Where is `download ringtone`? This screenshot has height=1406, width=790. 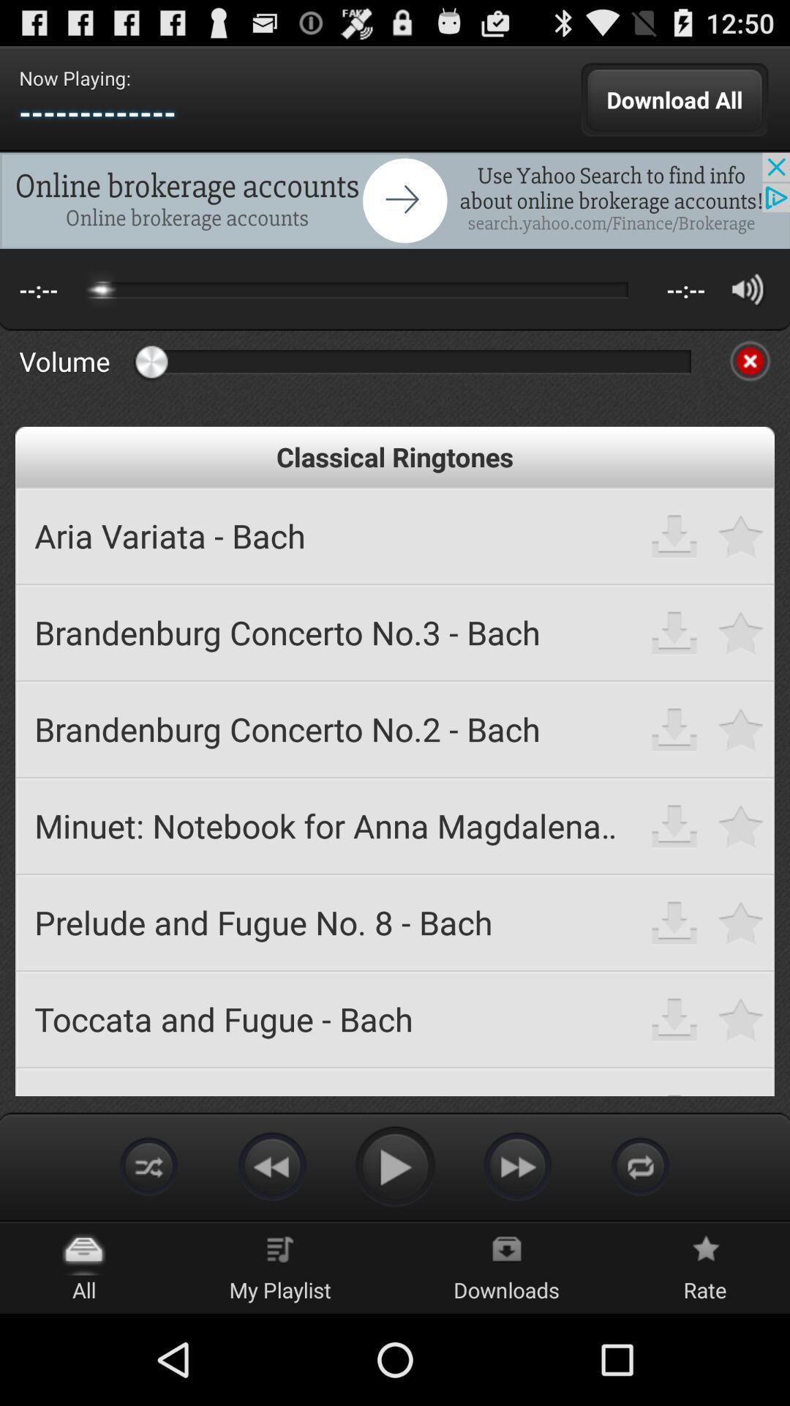 download ringtone is located at coordinates (674, 729).